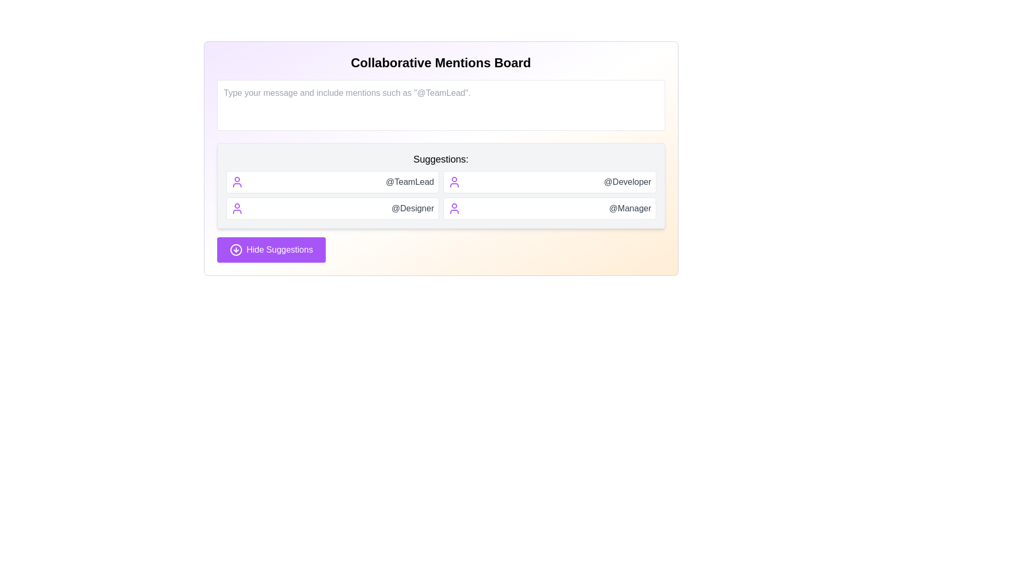 The width and height of the screenshot is (1017, 572). What do you see at coordinates (235, 249) in the screenshot?
I see `the visually centered purple-colored circle icon with a downward arrow, which is part of the suggestion control adjacent to the list of user suggestions` at bounding box center [235, 249].